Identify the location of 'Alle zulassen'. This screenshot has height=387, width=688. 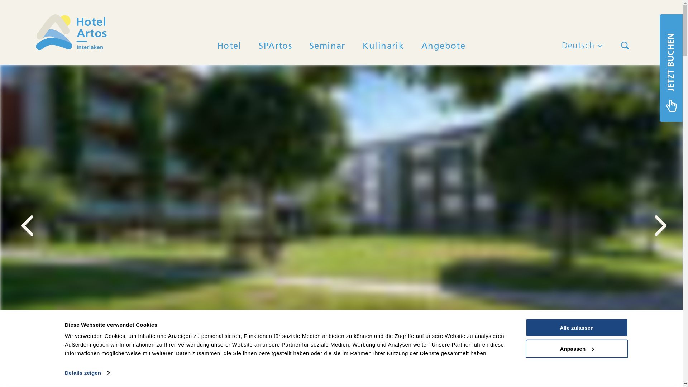
(576, 328).